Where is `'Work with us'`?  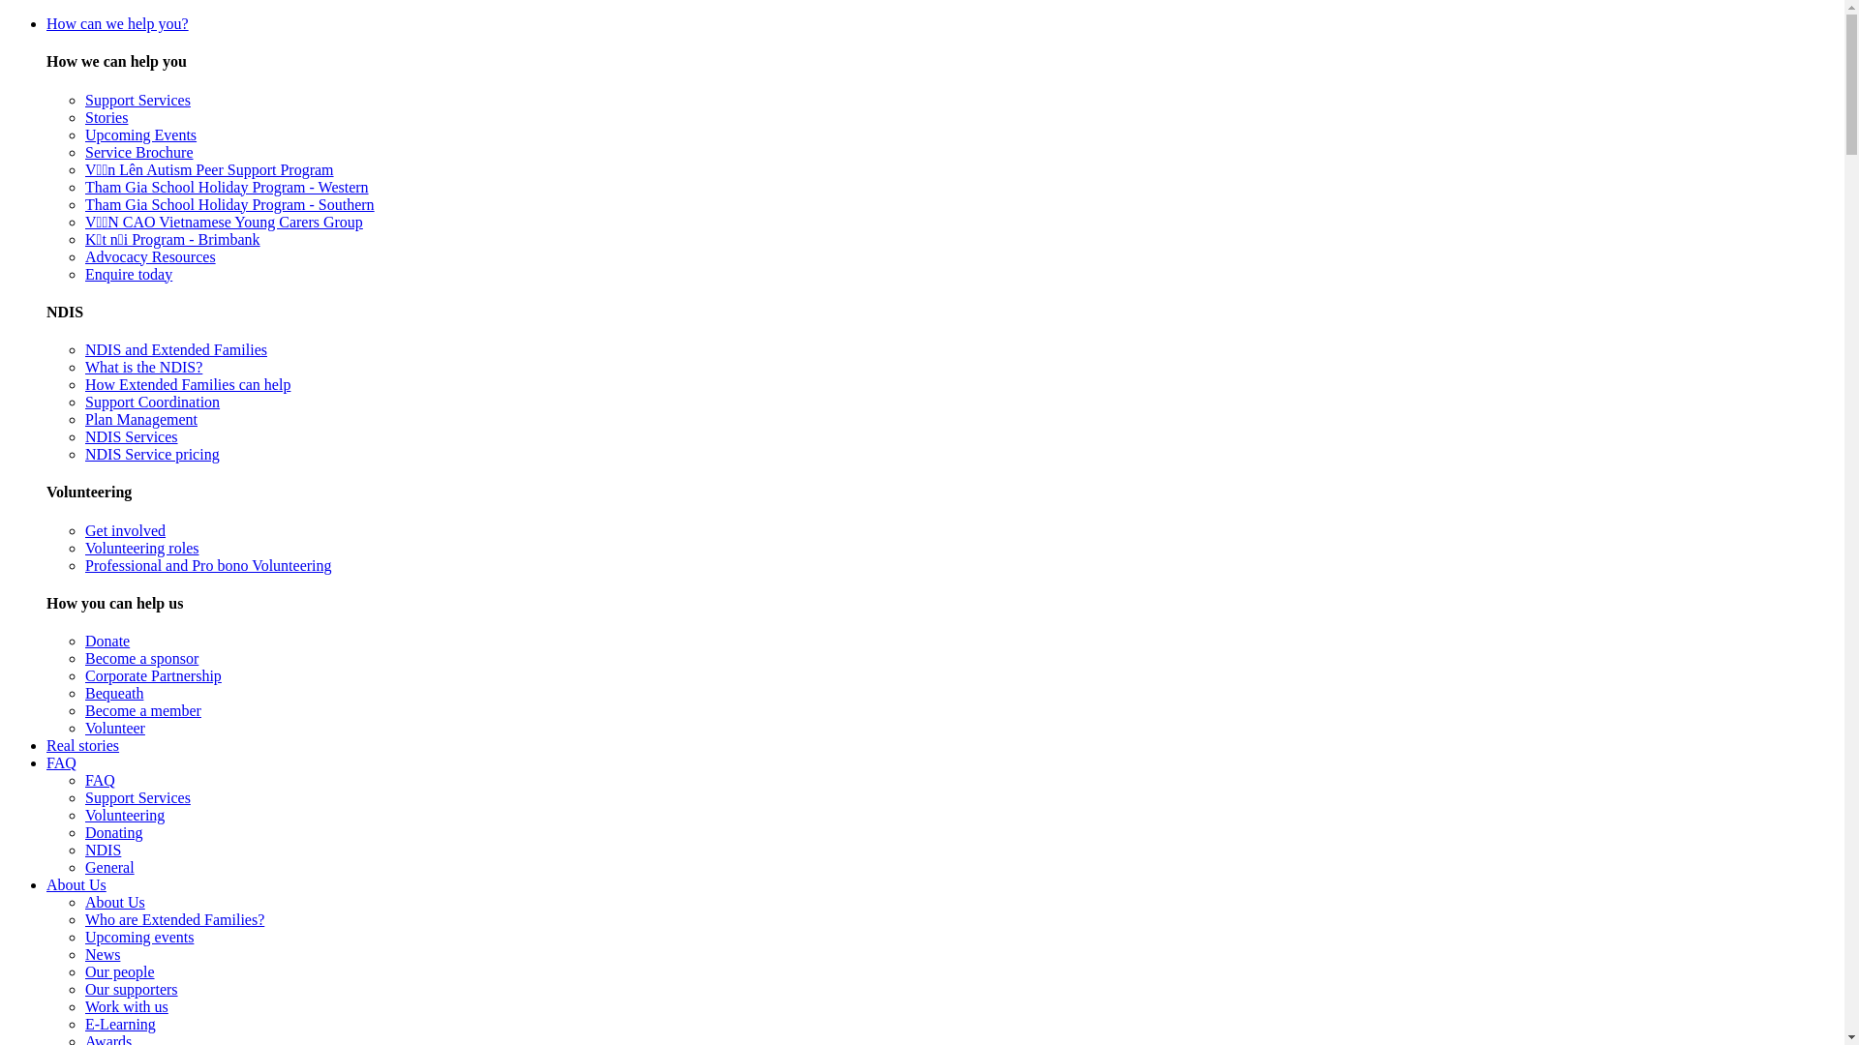
'Work with us' is located at coordinates (125, 1005).